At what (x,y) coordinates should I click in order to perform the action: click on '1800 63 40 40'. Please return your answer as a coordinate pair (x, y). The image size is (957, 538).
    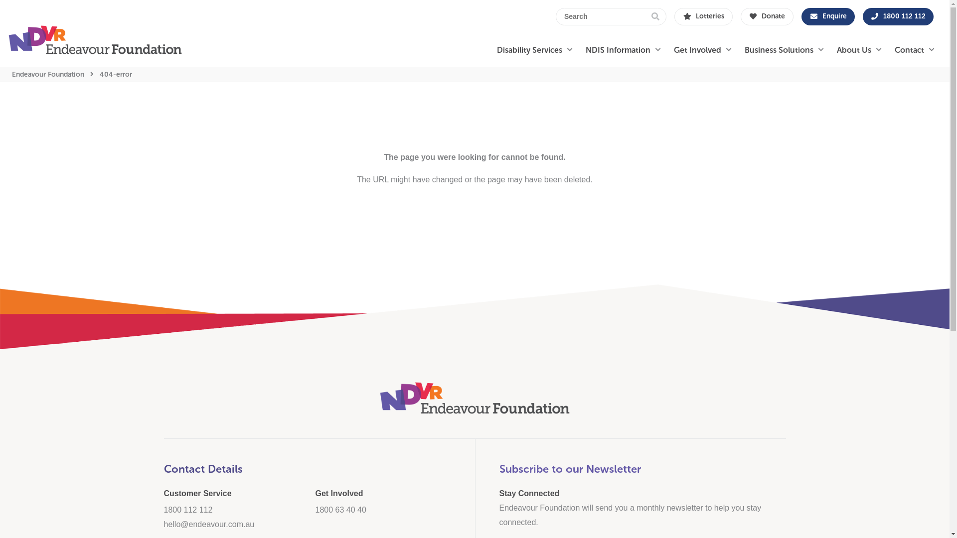
    Looking at the image, I should click on (340, 510).